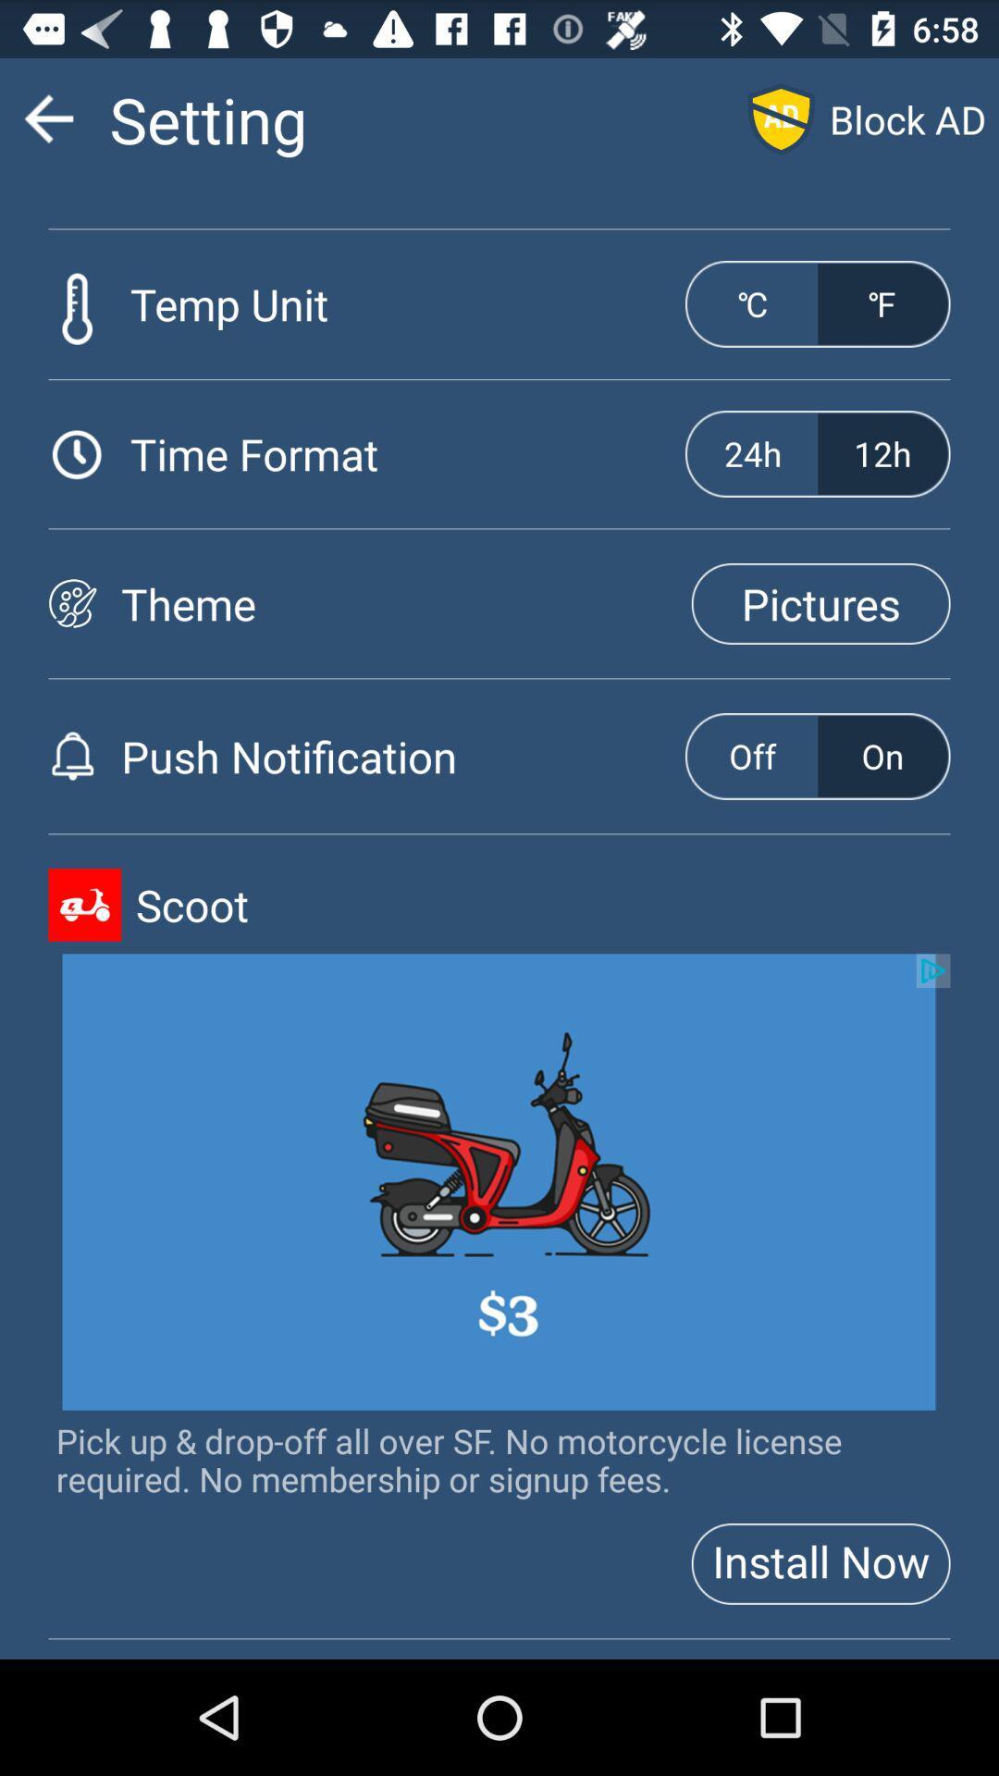 The image size is (999, 1776). I want to click on the arrow_backward icon, so click(47, 126).